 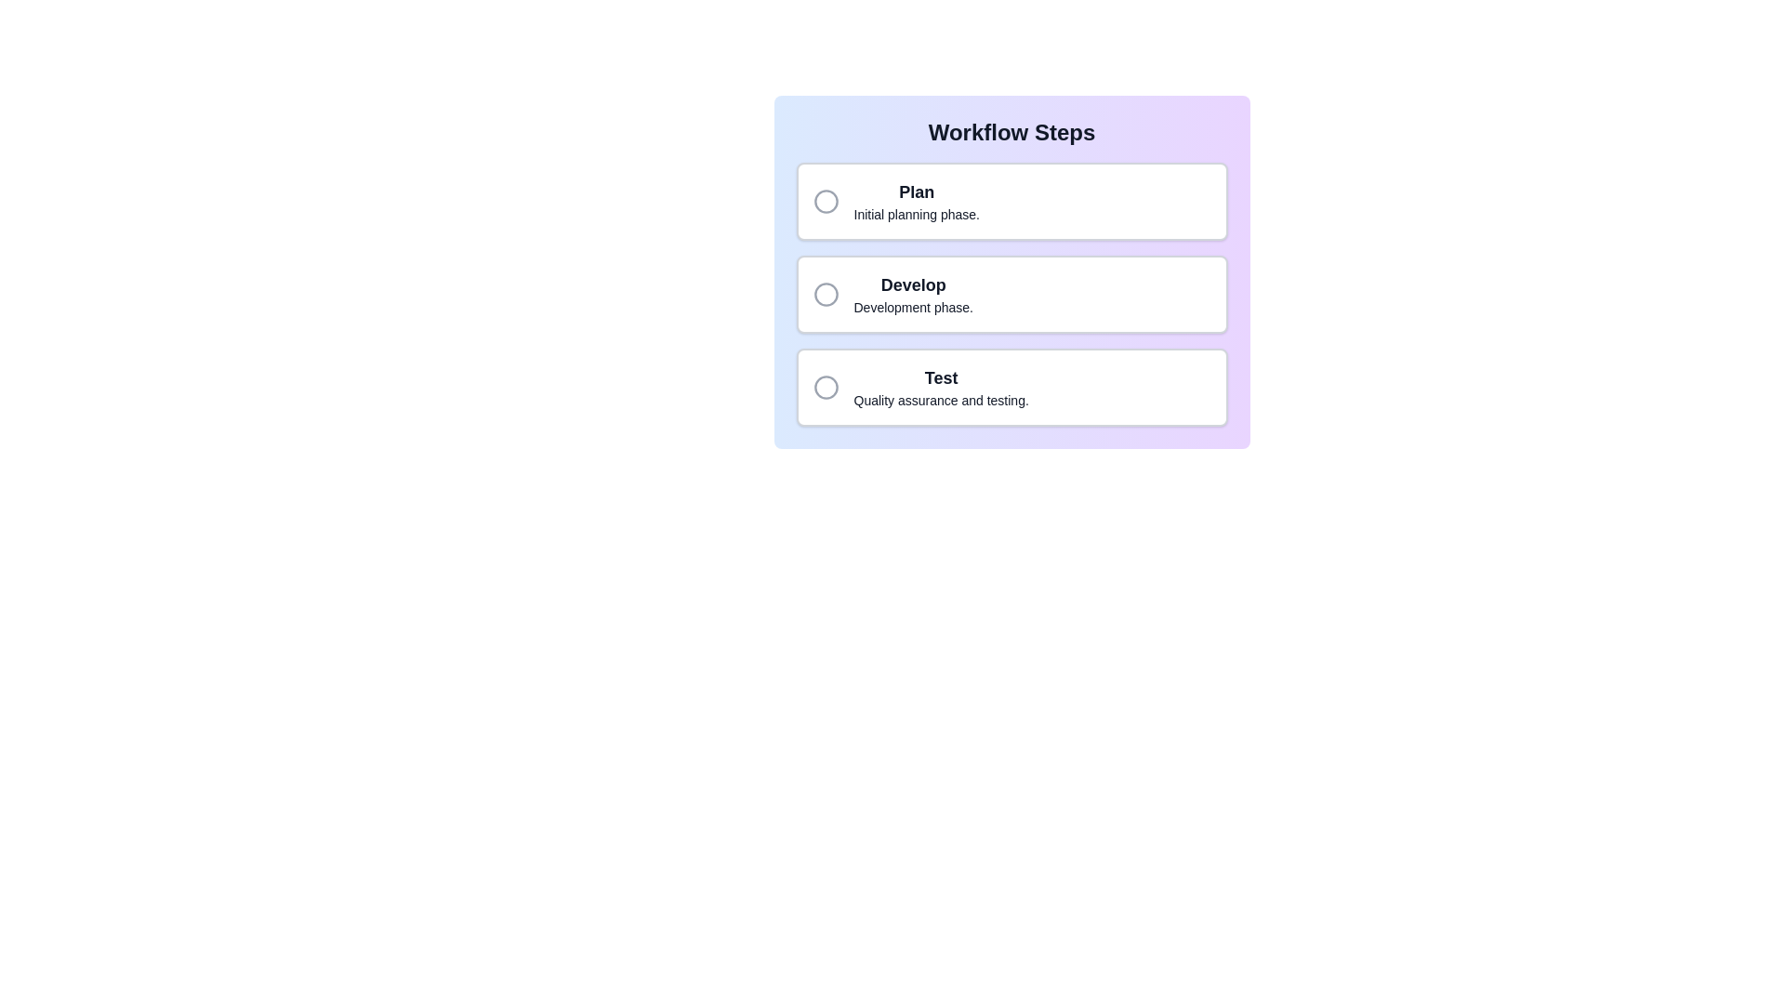 I want to click on the radio button icon representing the 'Develop' step in the 'Workflow Steps' section, so click(x=825, y=293).